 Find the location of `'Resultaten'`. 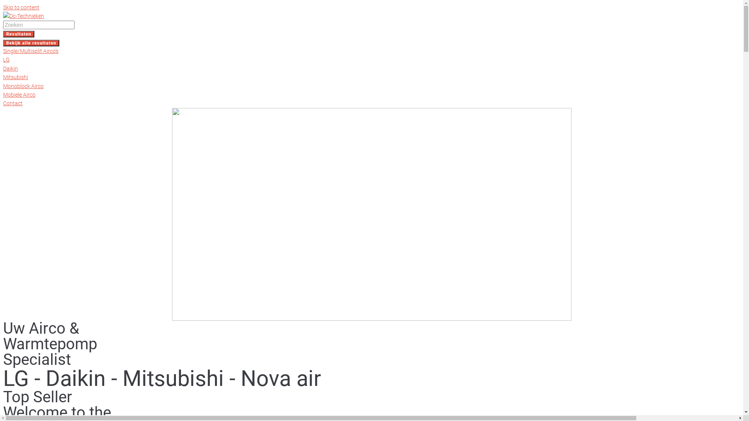

'Resultaten' is located at coordinates (19, 34).